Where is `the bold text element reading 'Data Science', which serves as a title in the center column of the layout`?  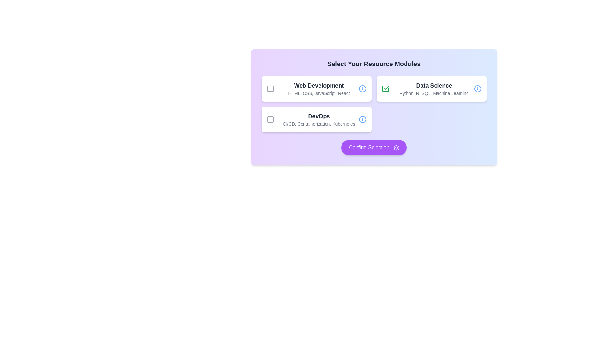 the bold text element reading 'Data Science', which serves as a title in the center column of the layout is located at coordinates (434, 85).